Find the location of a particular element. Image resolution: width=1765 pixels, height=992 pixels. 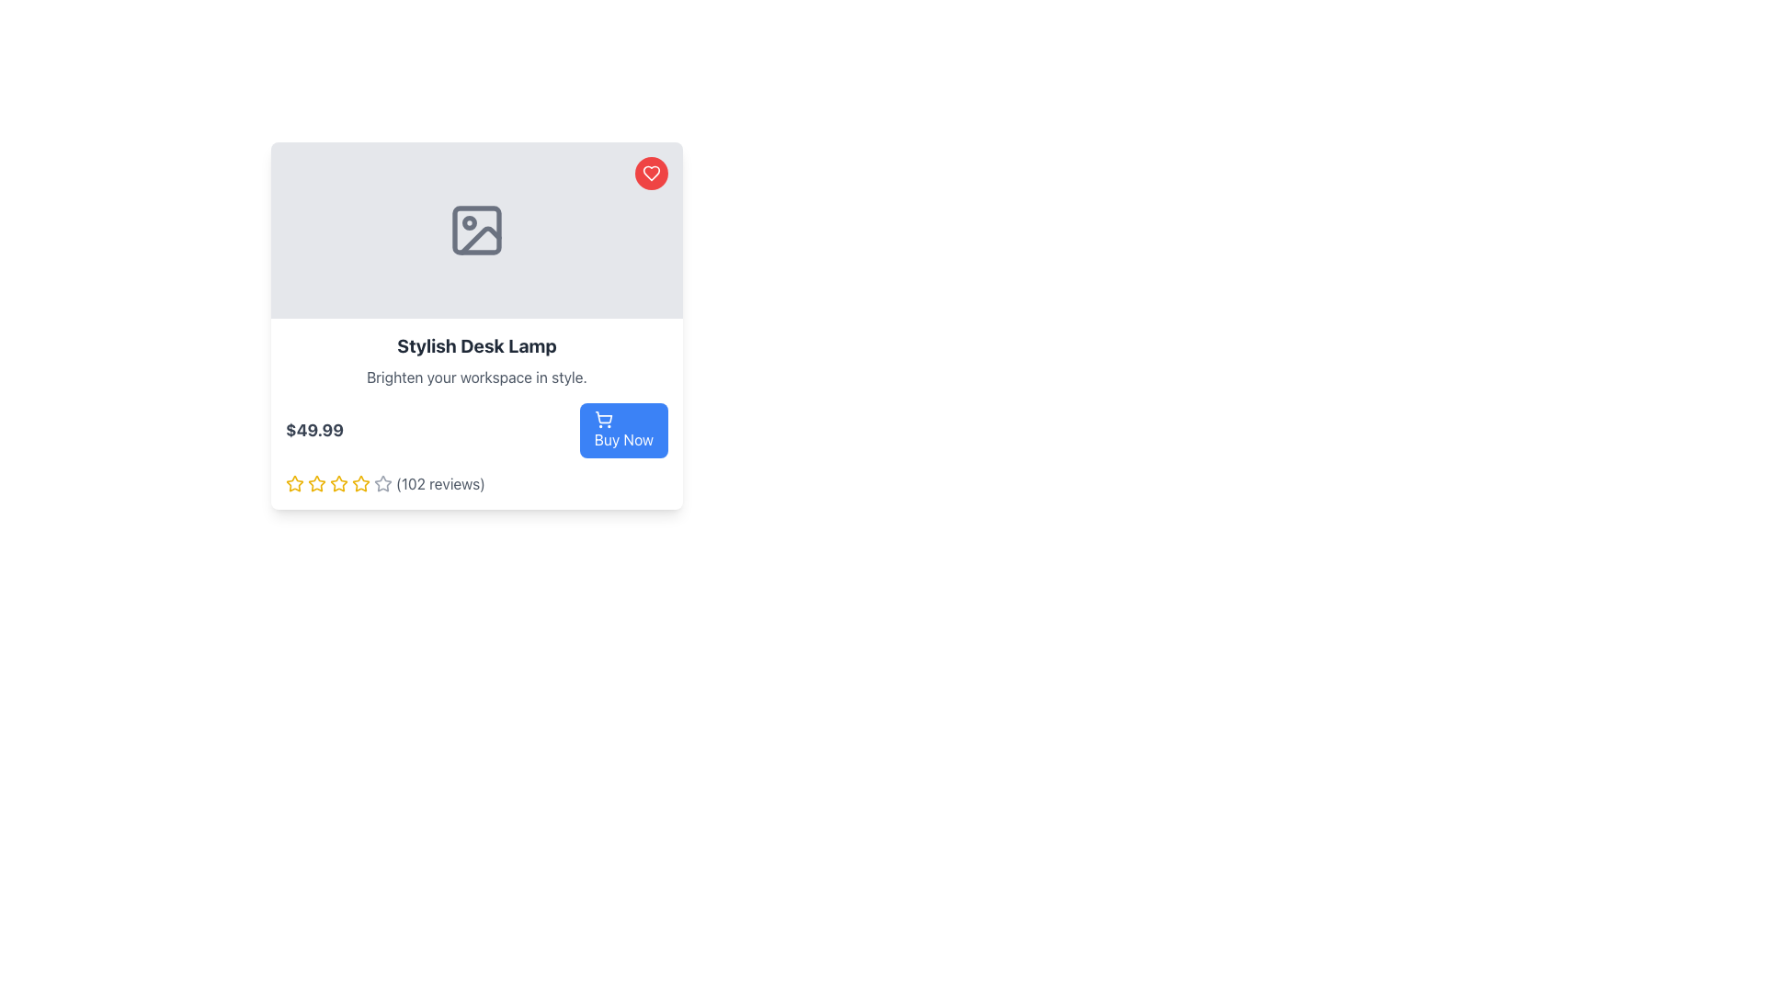

the first star icon is located at coordinates (317, 482).